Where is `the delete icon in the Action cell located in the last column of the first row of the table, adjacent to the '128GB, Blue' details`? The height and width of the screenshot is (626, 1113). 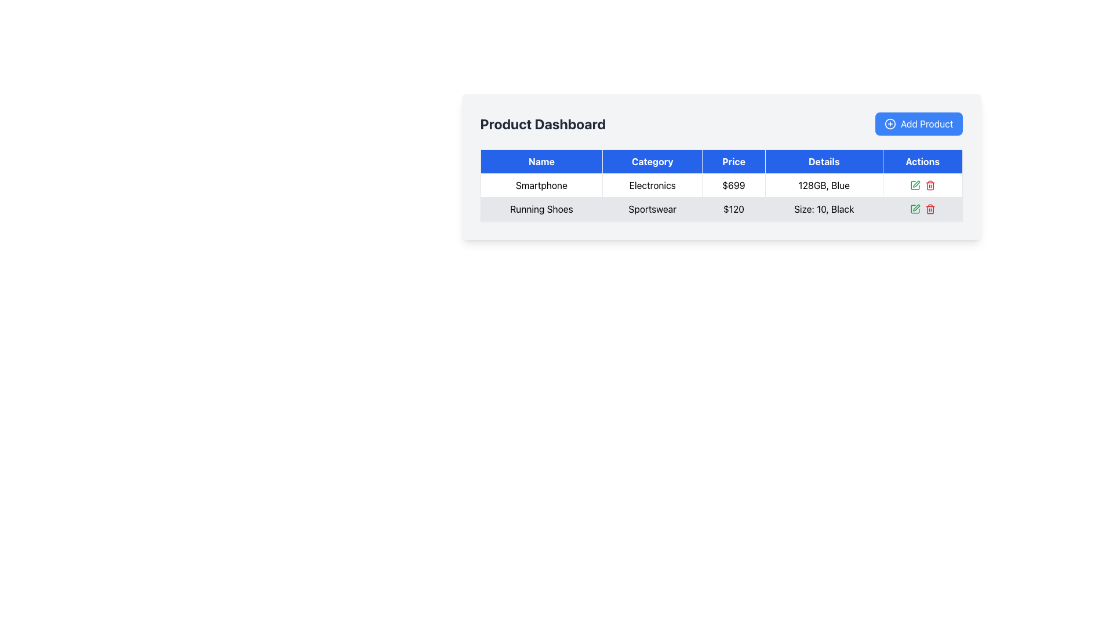 the delete icon in the Action cell located in the last column of the first row of the table, adjacent to the '128GB, Blue' details is located at coordinates (922, 185).